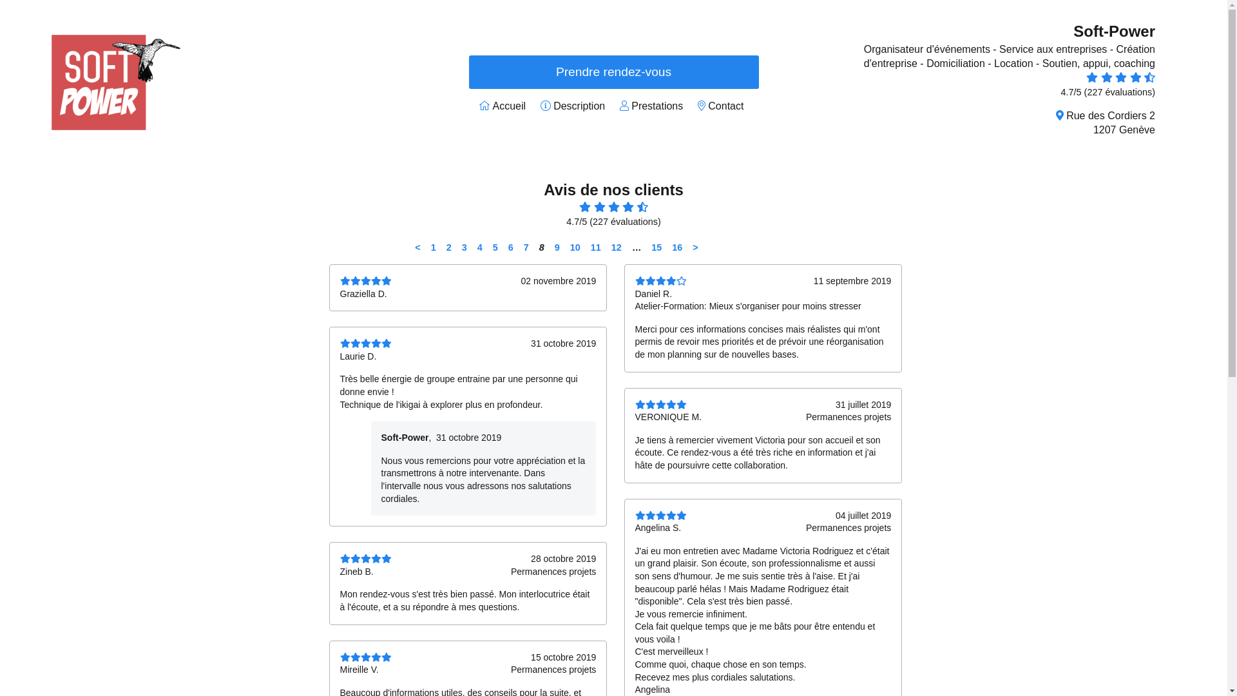  What do you see at coordinates (509, 105) in the screenshot?
I see `'Accueil'` at bounding box center [509, 105].